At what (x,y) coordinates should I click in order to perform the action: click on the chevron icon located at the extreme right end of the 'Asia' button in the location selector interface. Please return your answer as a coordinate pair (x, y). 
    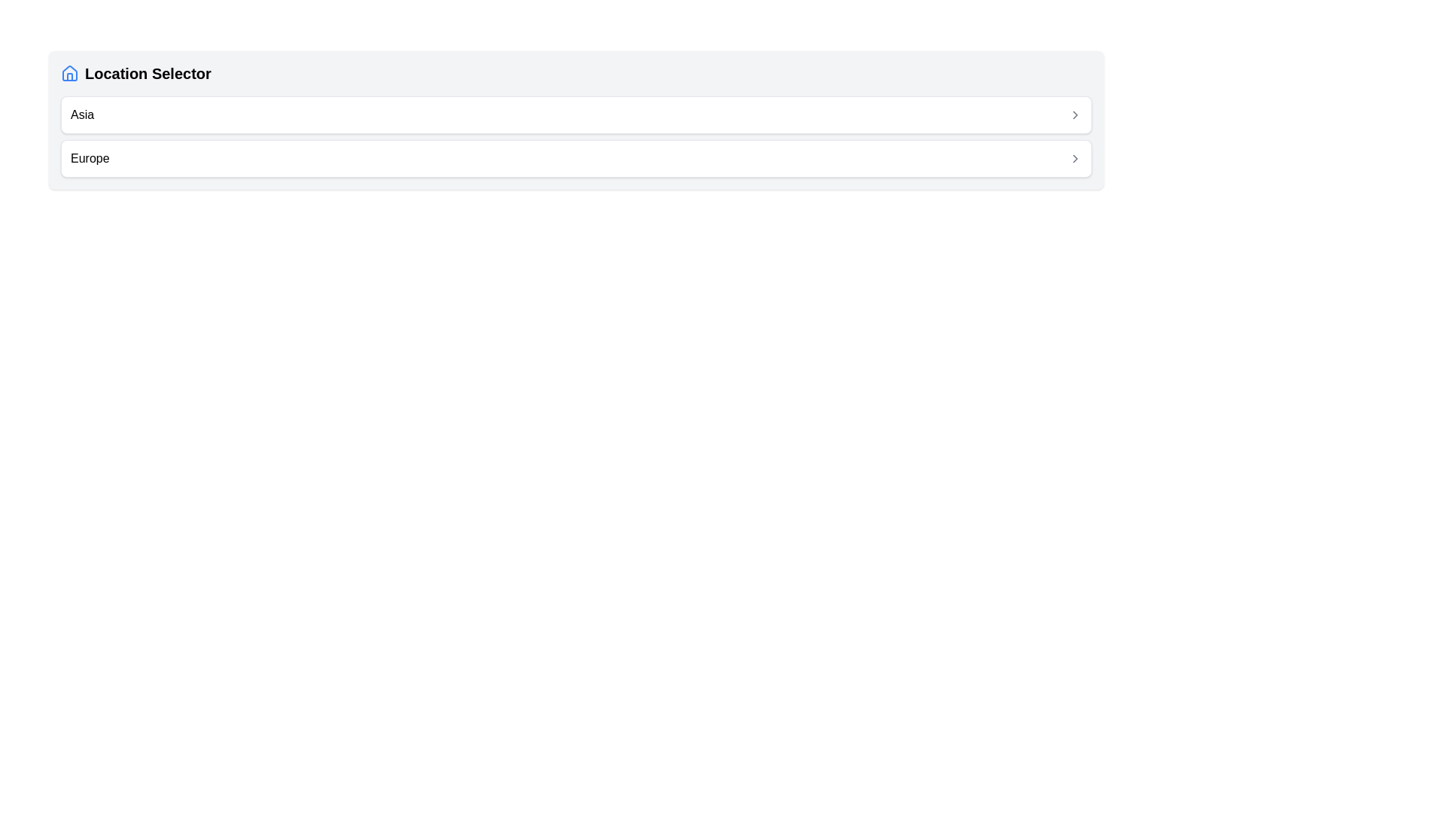
    Looking at the image, I should click on (1075, 114).